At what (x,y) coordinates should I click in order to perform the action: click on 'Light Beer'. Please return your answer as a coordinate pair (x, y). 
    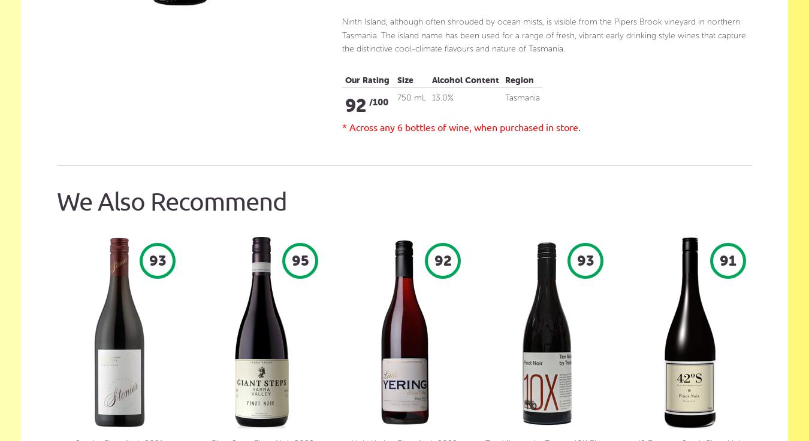
    Looking at the image, I should click on (469, 47).